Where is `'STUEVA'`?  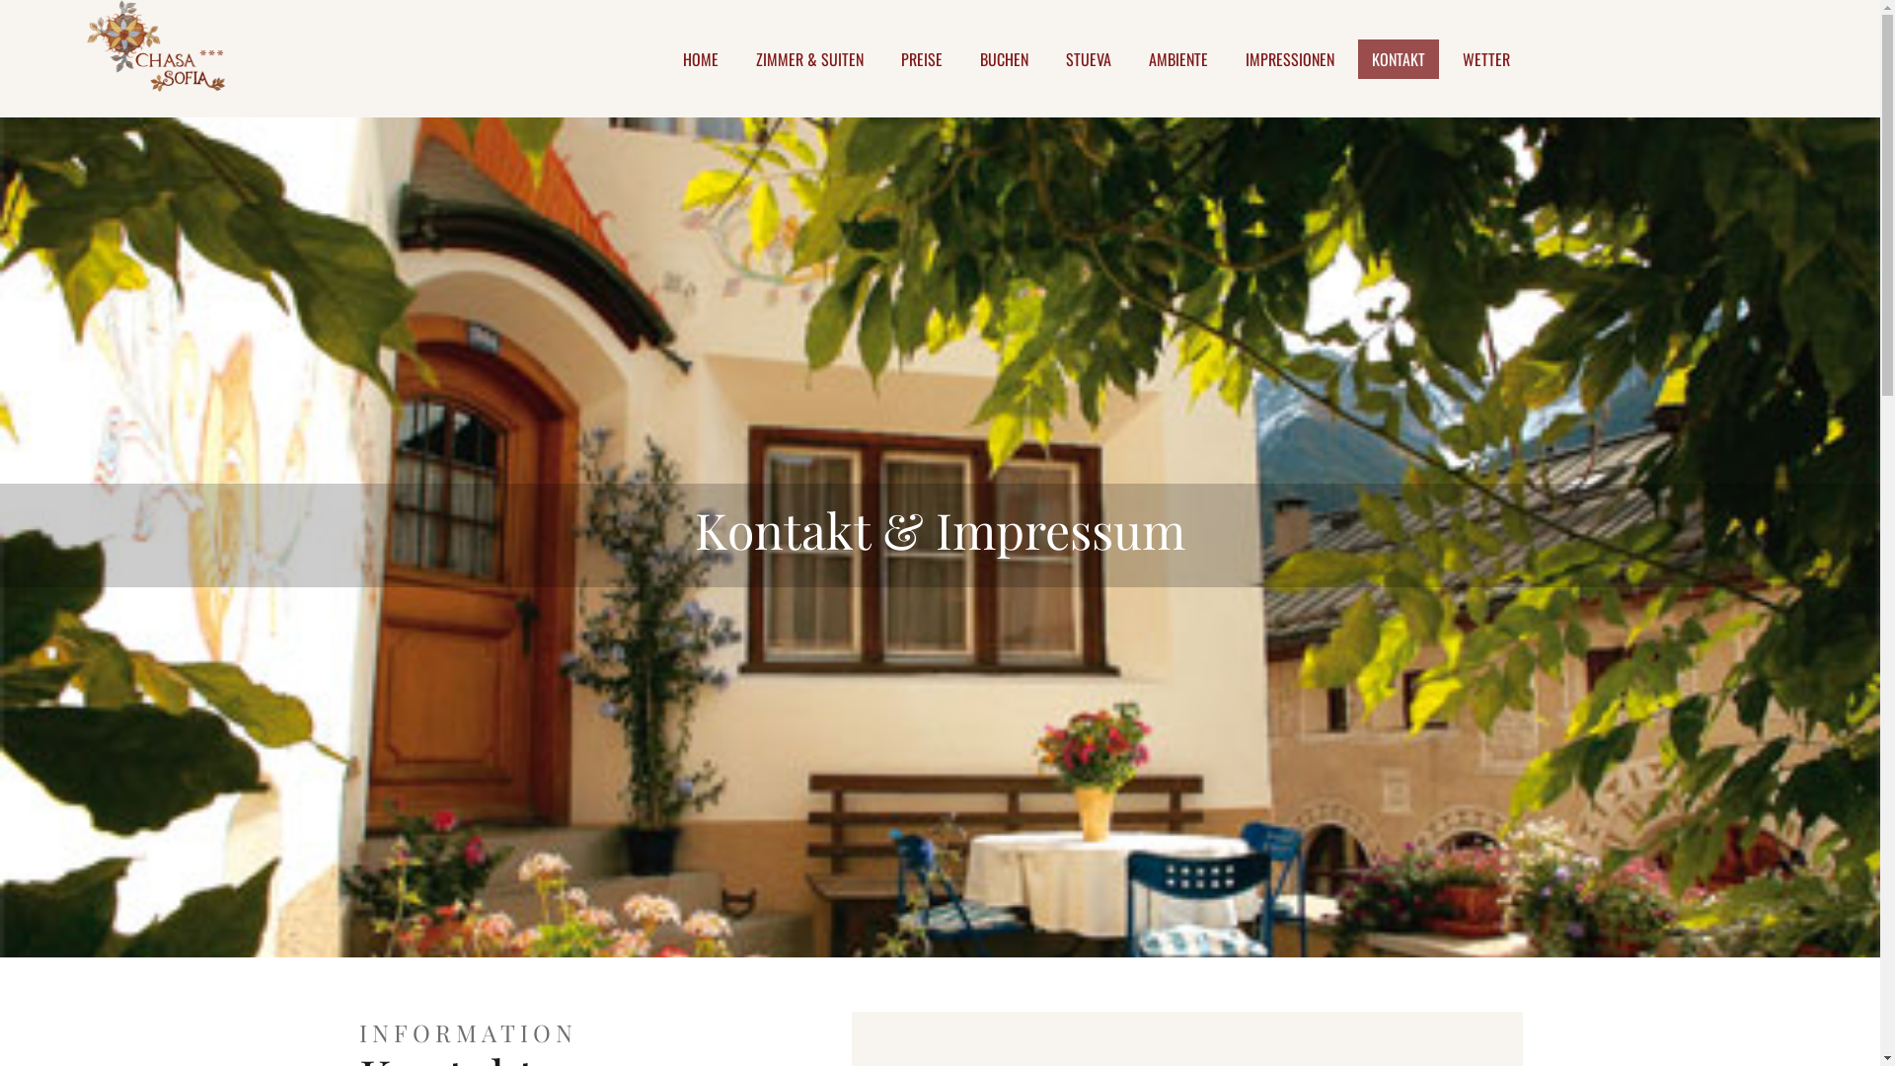 'STUEVA' is located at coordinates (1088, 58).